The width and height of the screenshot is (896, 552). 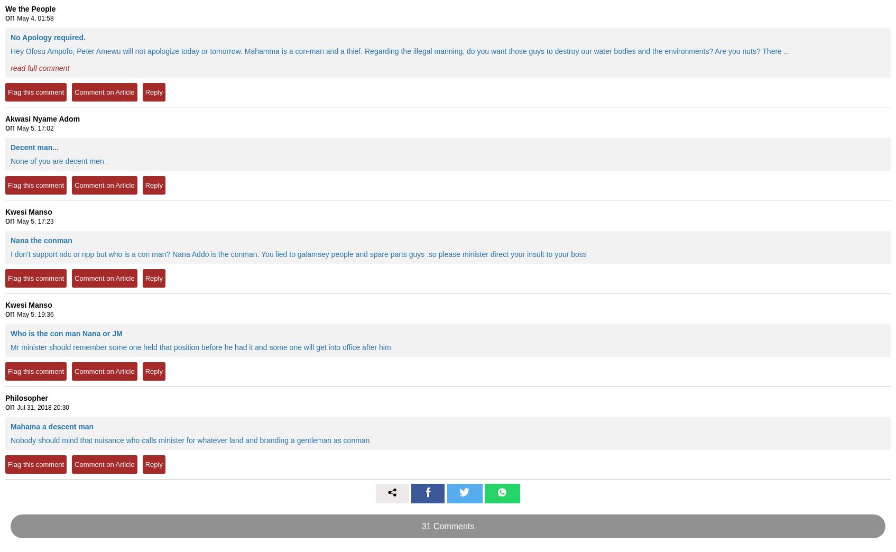 I want to click on 'May  5, 17:23', so click(x=34, y=220).